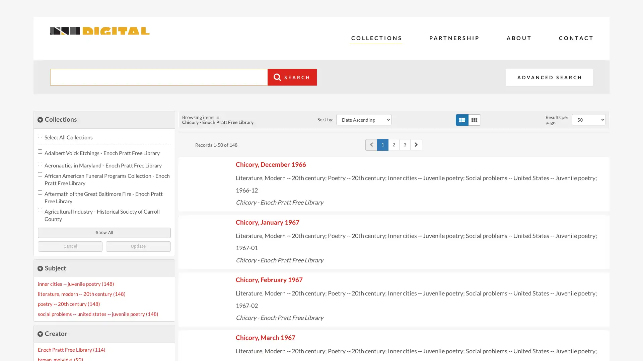 The height and width of the screenshot is (361, 643). Describe the element at coordinates (394, 144) in the screenshot. I see `Page 2` at that location.